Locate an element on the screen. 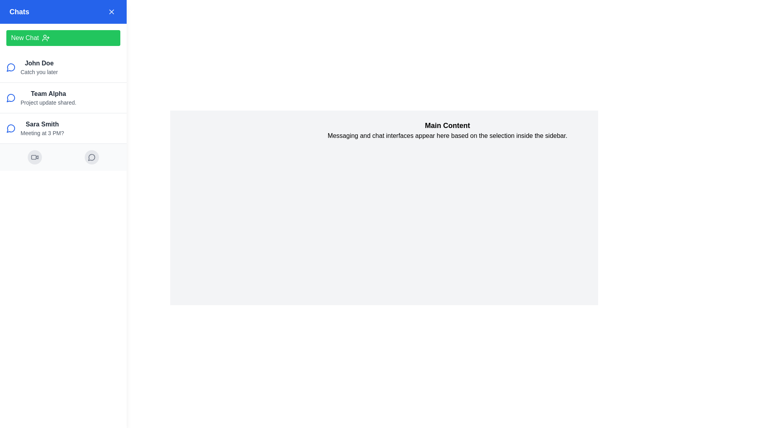  the 'Team Alpha' clickable list item, which features a blue circular chat bubble icon and the text 'Project update shared.' is located at coordinates (63, 97).